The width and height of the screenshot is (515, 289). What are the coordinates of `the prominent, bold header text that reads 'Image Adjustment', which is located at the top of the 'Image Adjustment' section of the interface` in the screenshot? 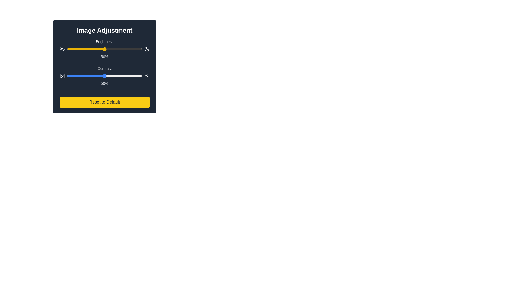 It's located at (104, 31).